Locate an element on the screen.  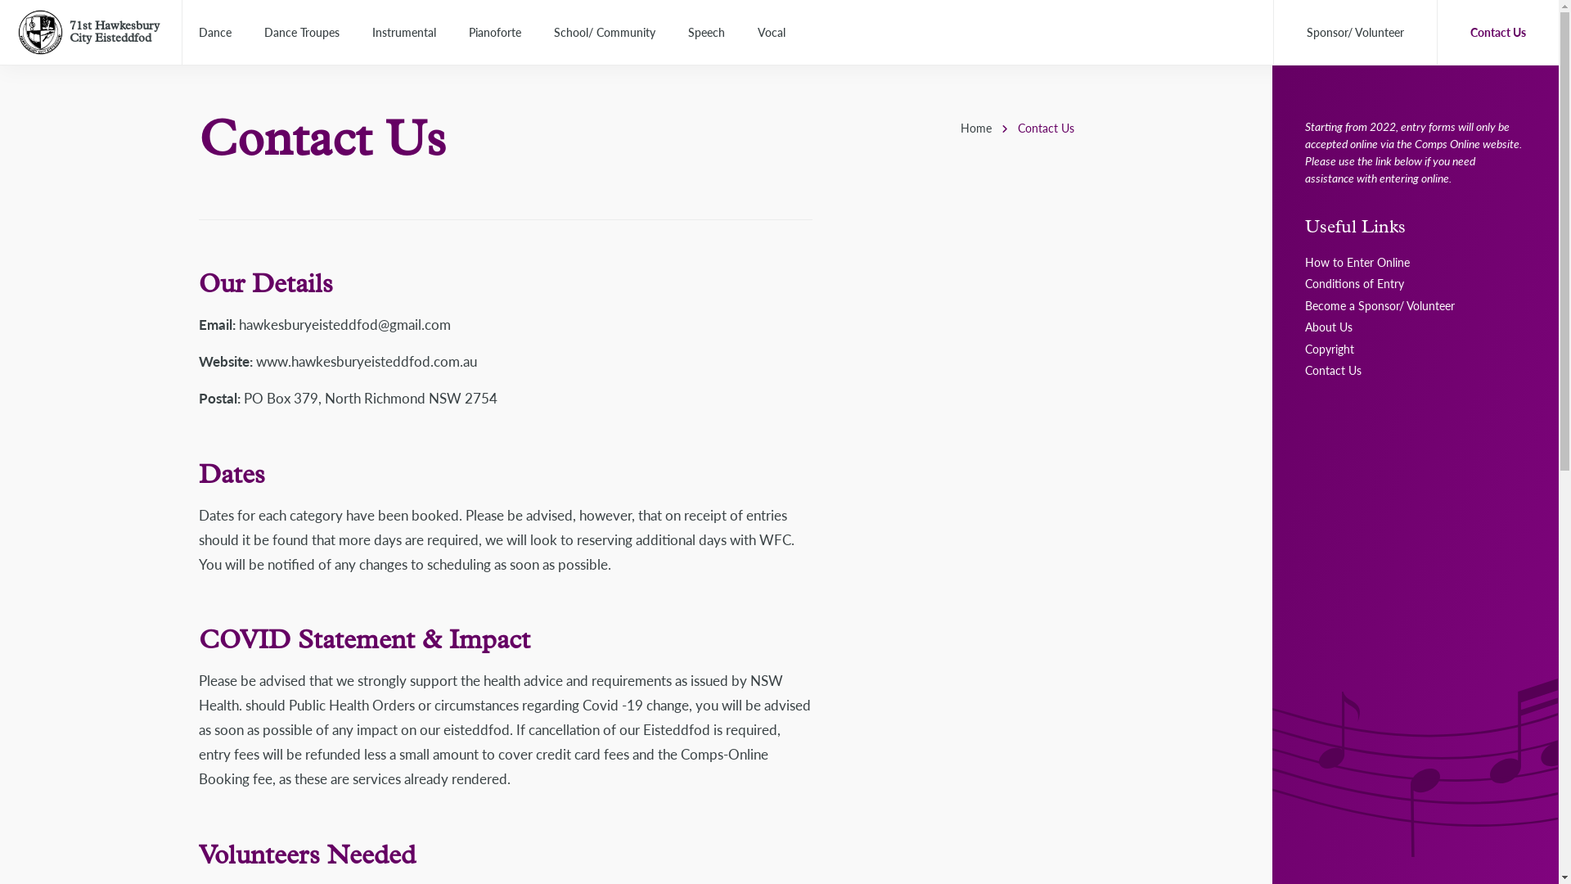
'School/ Community' is located at coordinates (604, 32).